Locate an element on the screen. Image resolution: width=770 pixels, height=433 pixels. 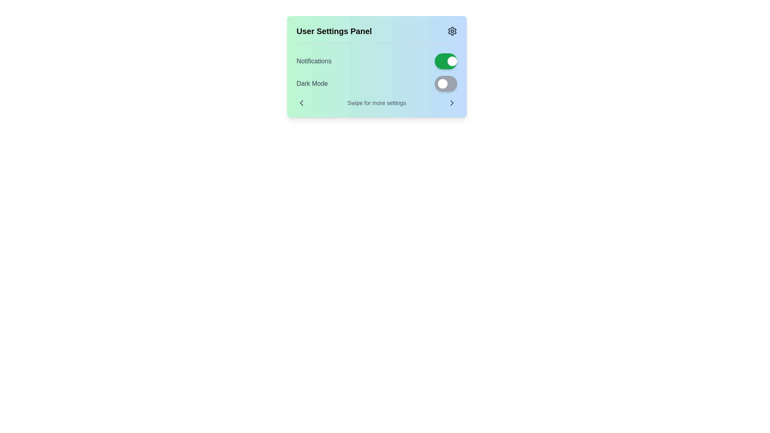
the settings icon in the User Settings Panel is located at coordinates (452, 30).